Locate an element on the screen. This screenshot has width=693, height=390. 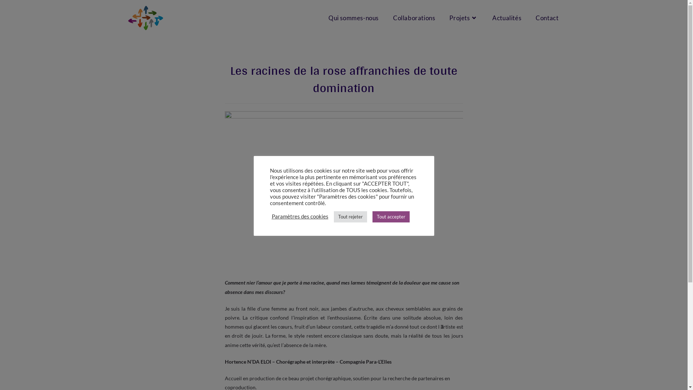
'Tout rejeter' is located at coordinates (350, 216).